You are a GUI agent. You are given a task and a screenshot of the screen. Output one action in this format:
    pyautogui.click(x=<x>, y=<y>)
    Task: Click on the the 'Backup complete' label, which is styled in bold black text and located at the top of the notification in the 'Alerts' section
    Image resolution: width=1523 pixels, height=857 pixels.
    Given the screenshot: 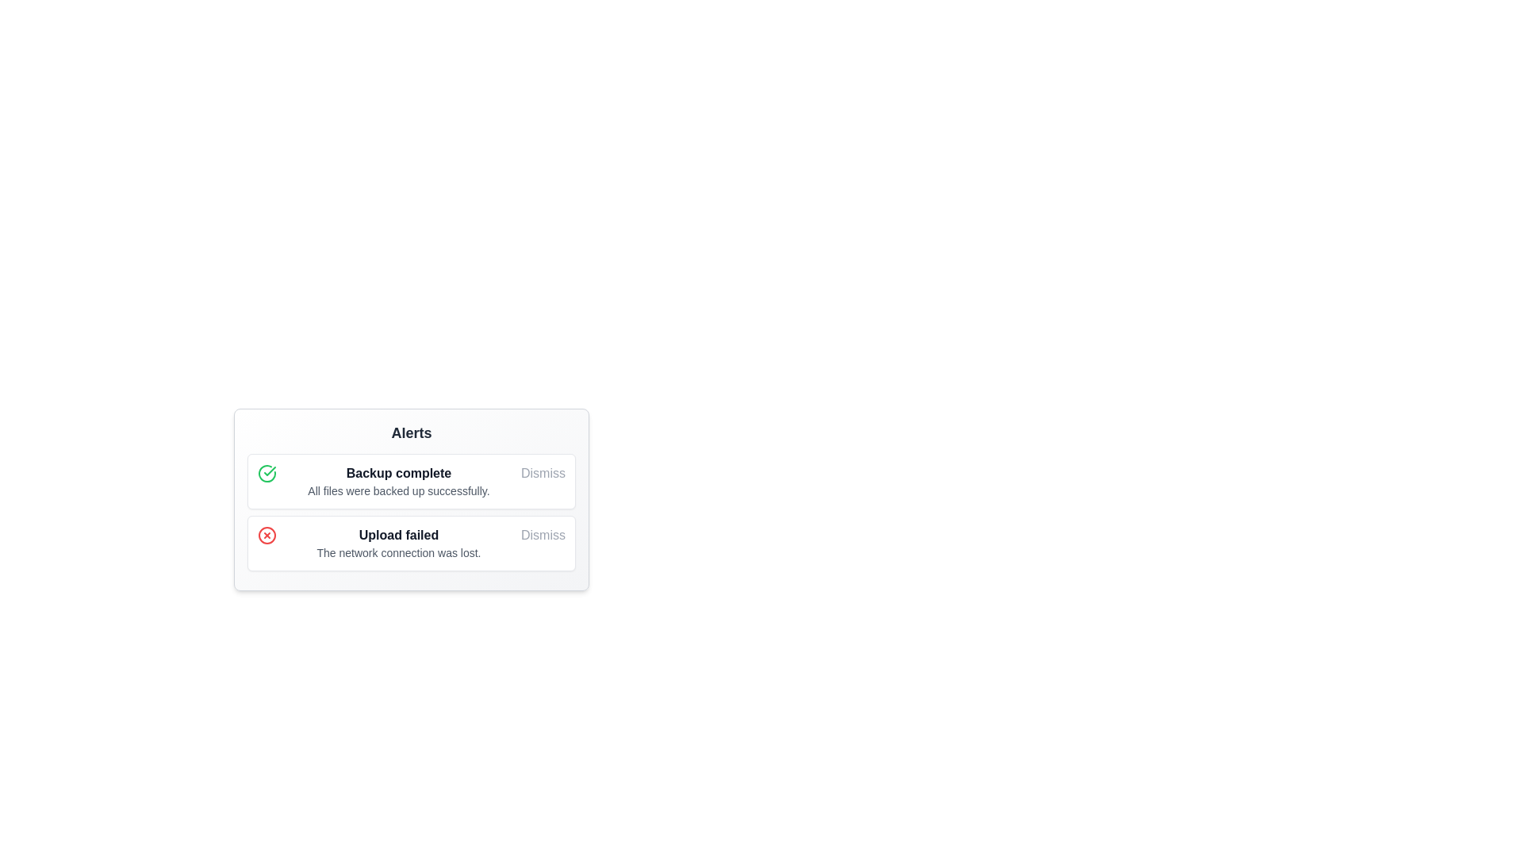 What is the action you would take?
    pyautogui.click(x=399, y=473)
    